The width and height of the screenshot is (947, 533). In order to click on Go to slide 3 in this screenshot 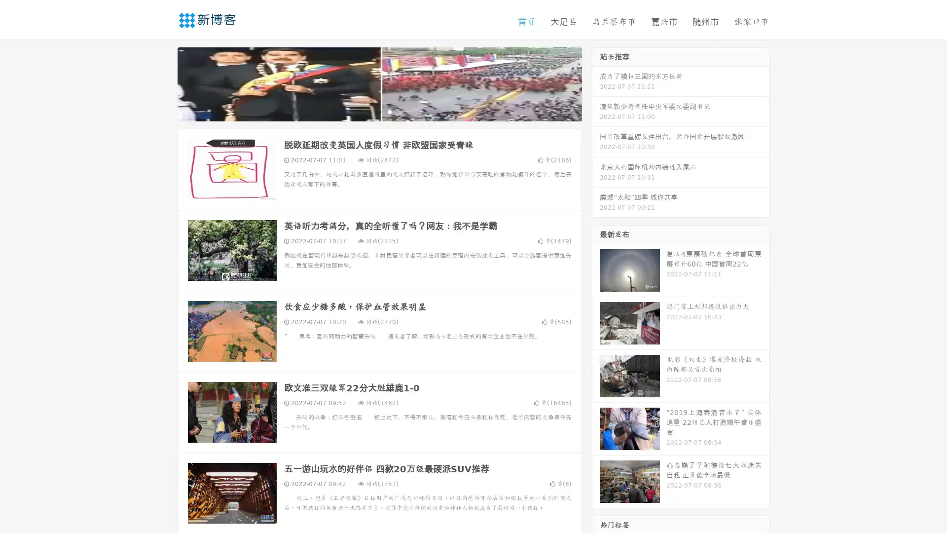, I will do `click(389, 111)`.